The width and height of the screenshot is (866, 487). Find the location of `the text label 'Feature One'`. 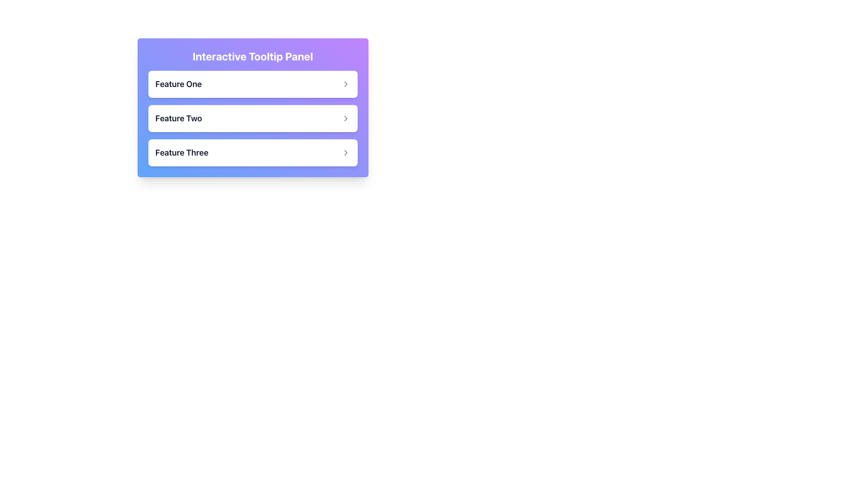

the text label 'Feature One' is located at coordinates (178, 84).